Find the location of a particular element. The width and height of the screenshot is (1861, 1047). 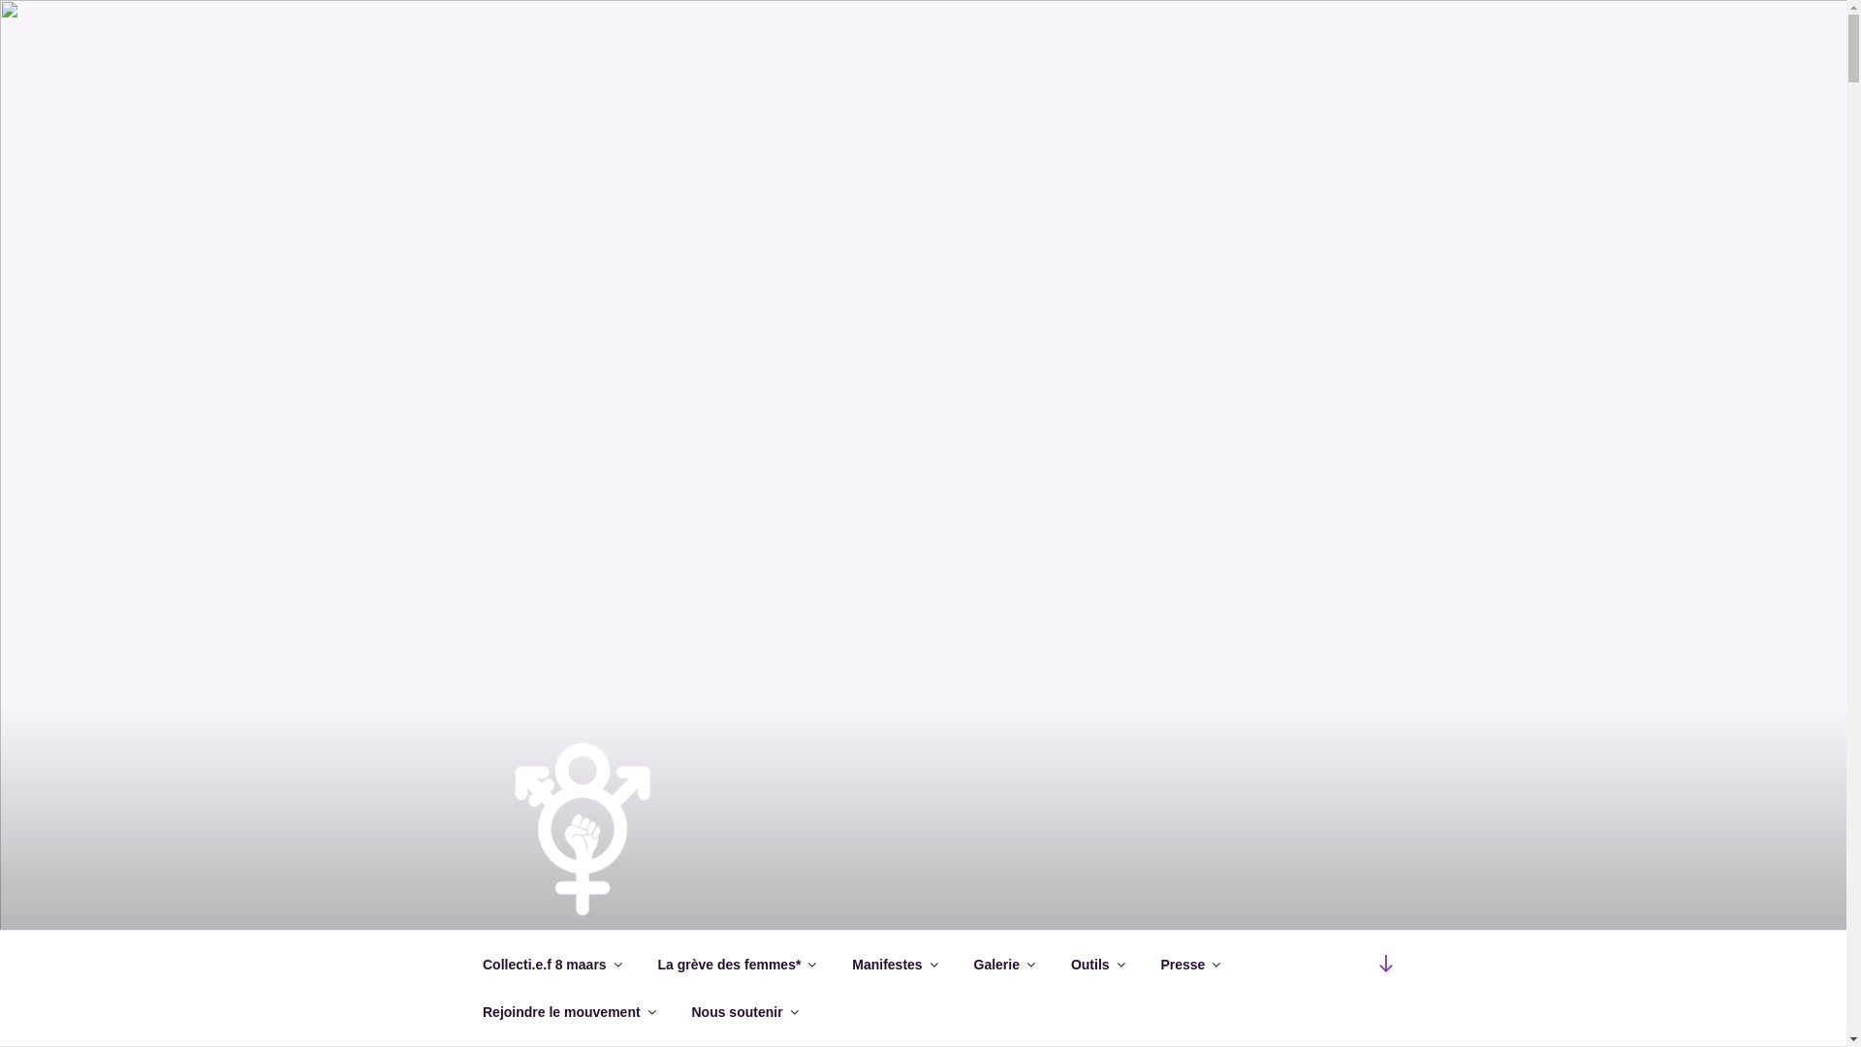

'Collecti.e.f 8 maars' is located at coordinates (550, 964).